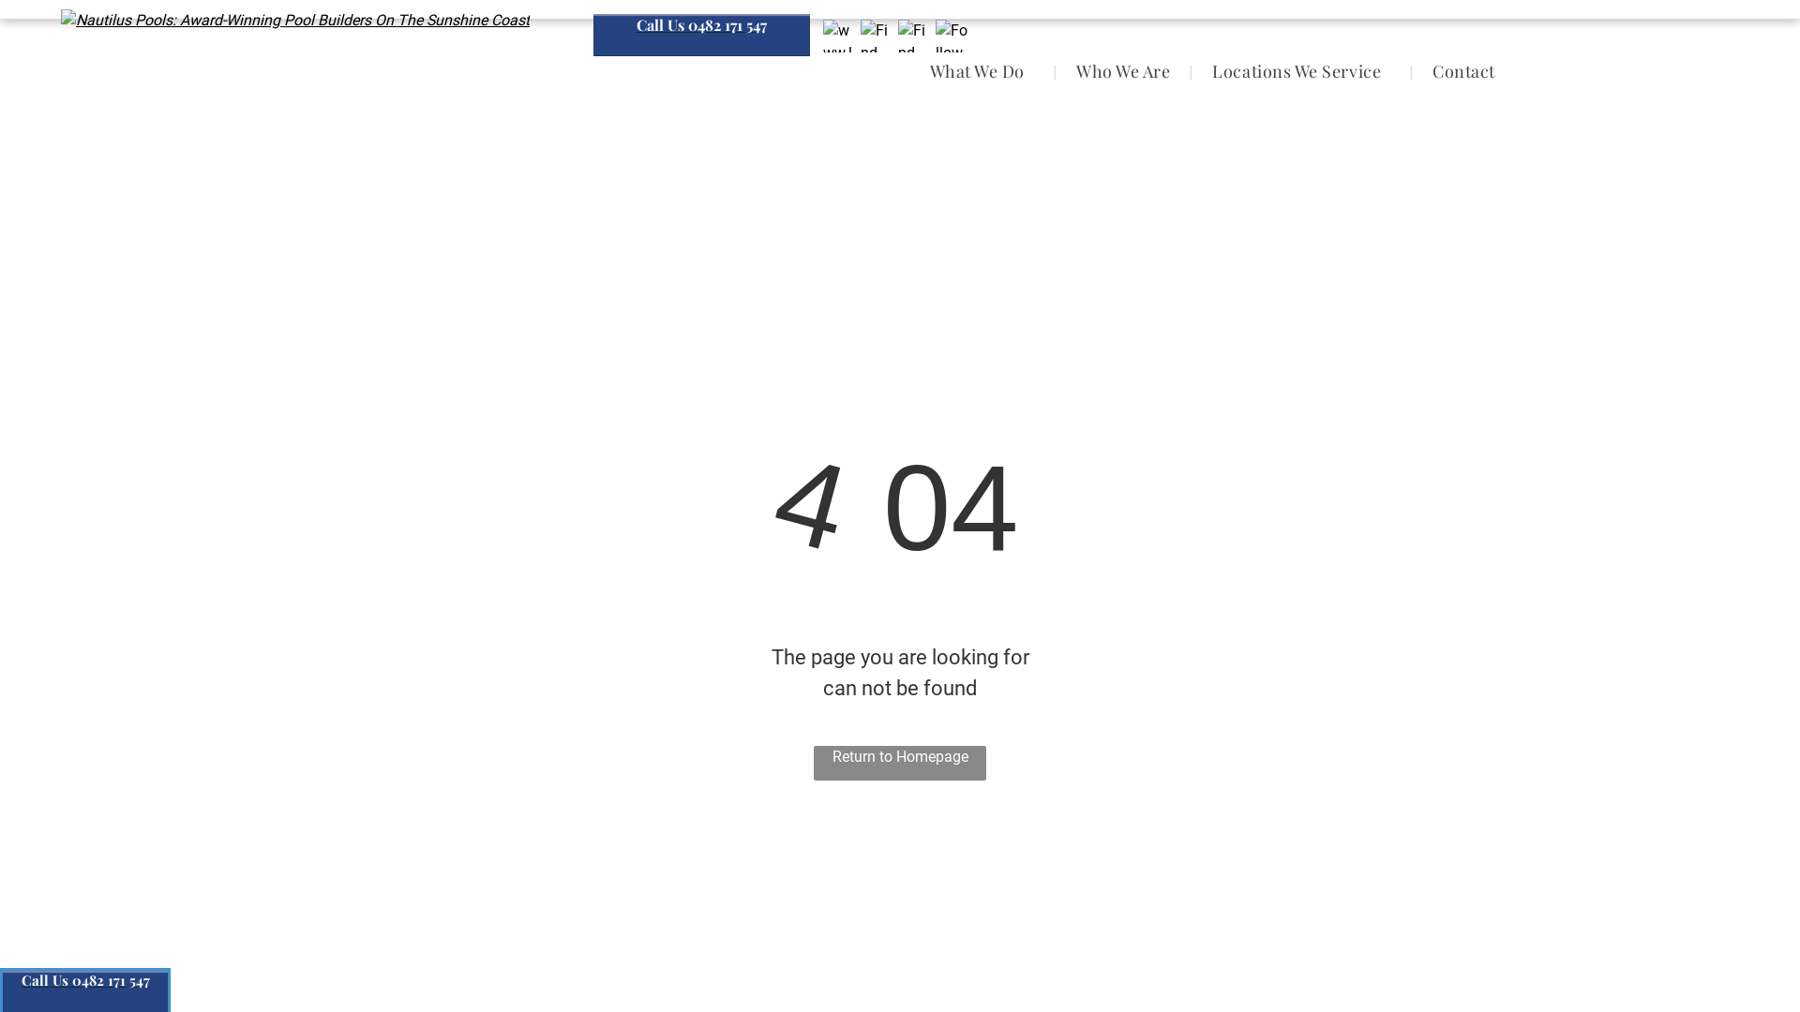 The height and width of the screenshot is (1012, 1800). Describe the element at coordinates (1413, 70) in the screenshot. I see `'Contact'` at that location.